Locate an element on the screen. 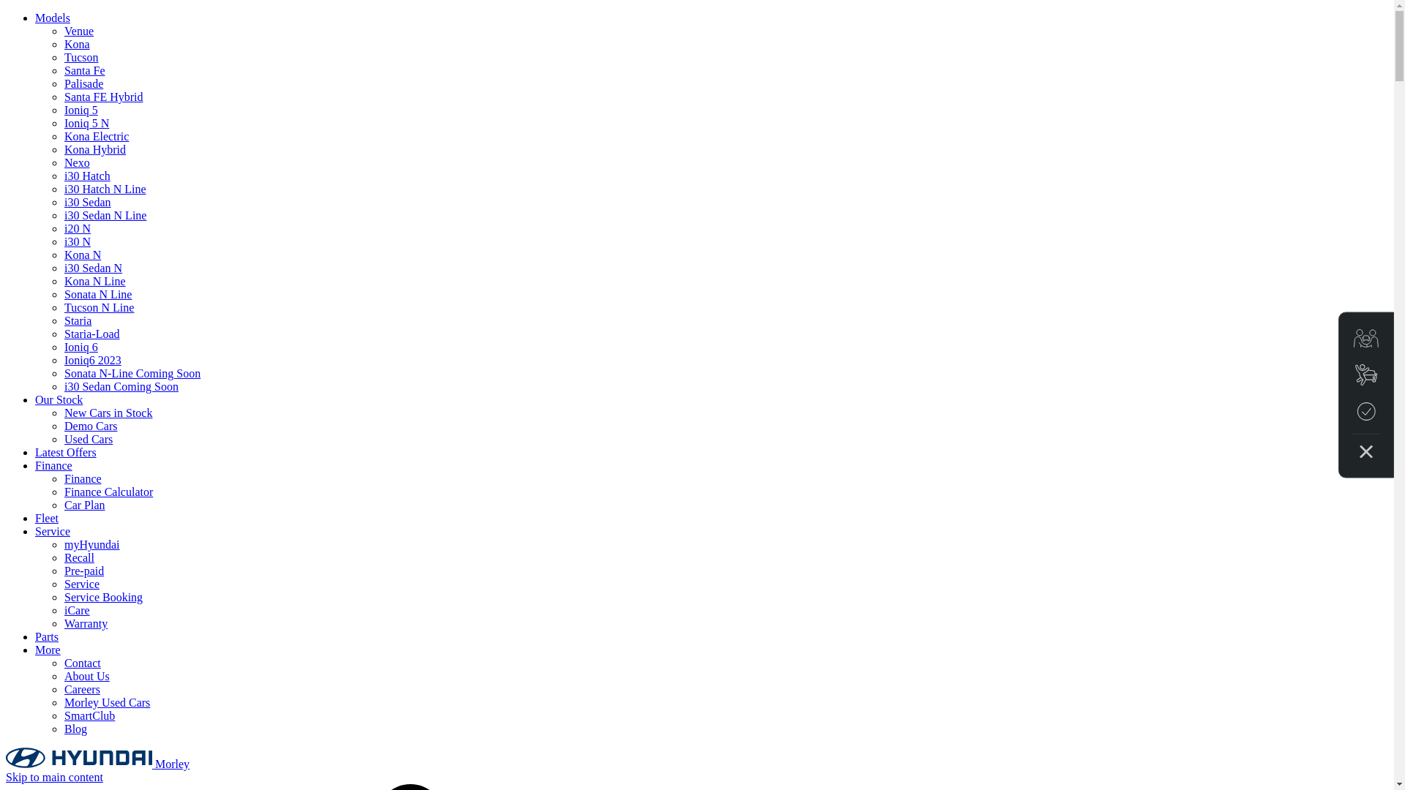  'Fleet' is located at coordinates (46, 517).